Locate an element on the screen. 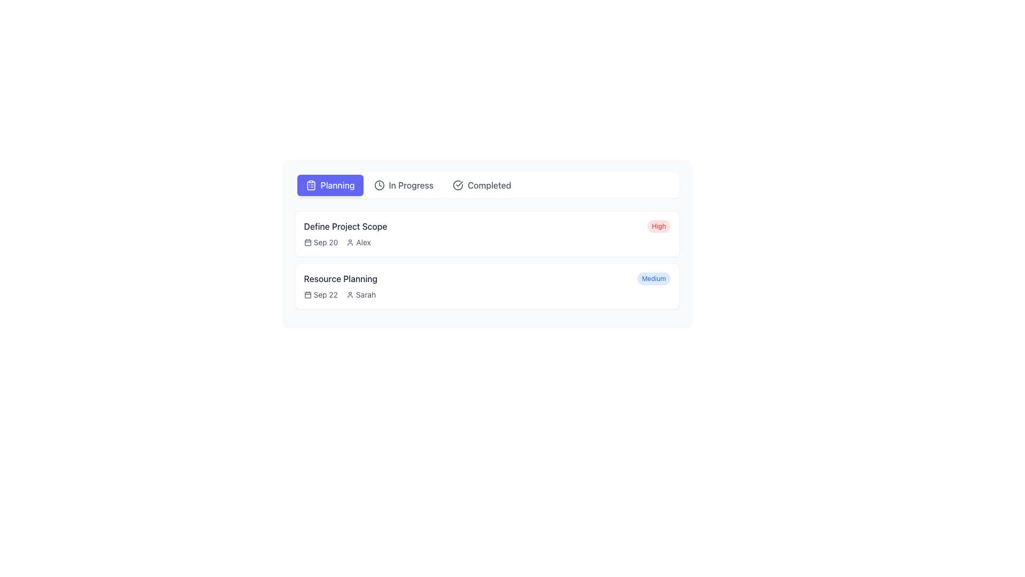  the static text label that identifies the name of a person associated with the task or event, located to the right of the user icon and beneath the text 'Sep 22' in the 'Planning' section is located at coordinates (366, 294).